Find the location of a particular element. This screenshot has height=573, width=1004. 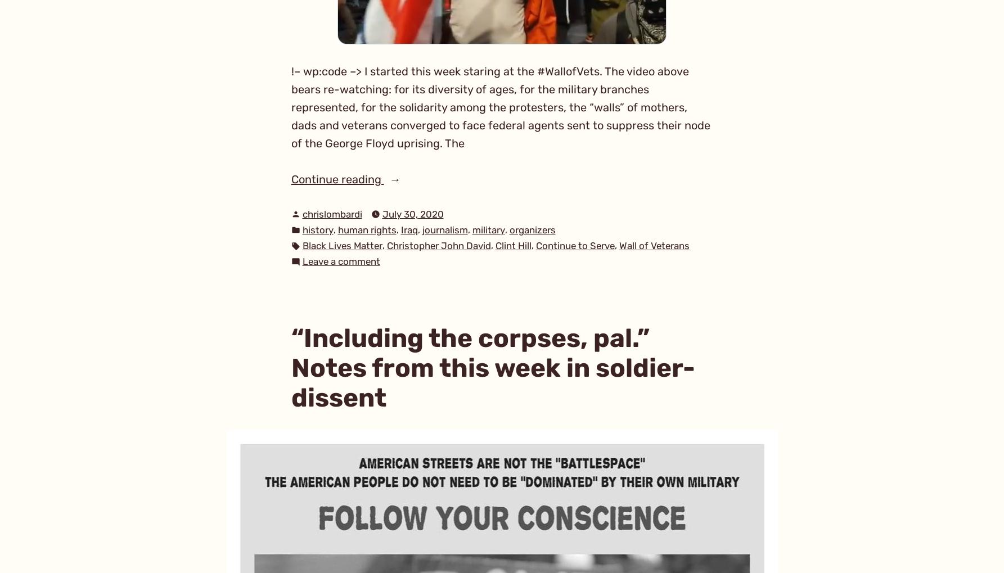

'Christopher John David' is located at coordinates (438, 246).